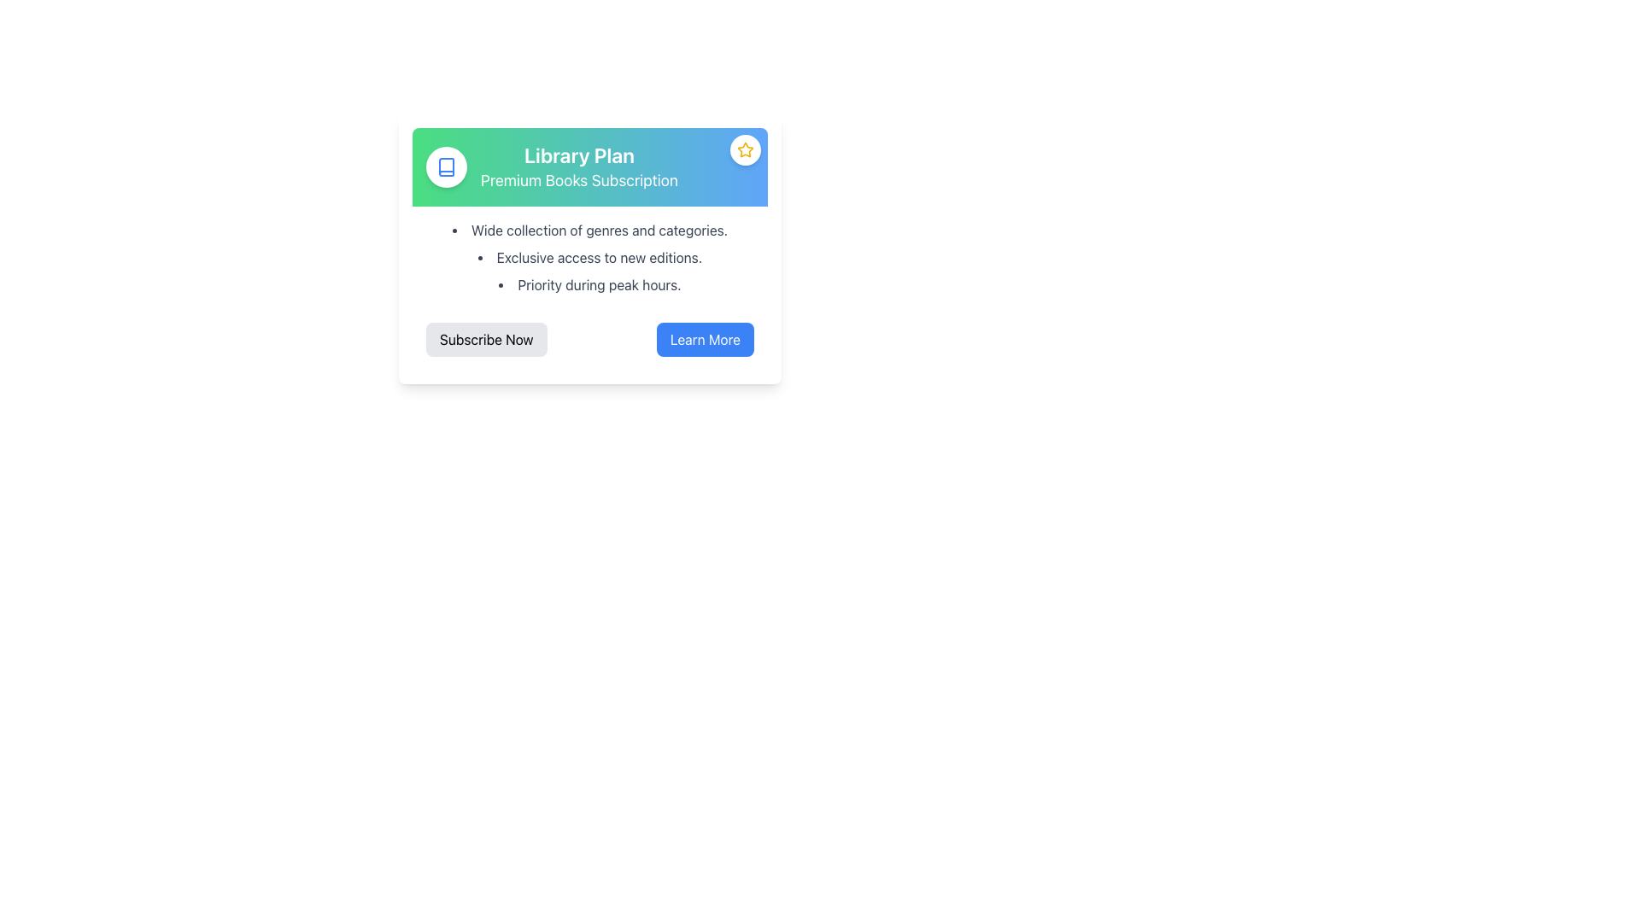 This screenshot has height=922, width=1640. Describe the element at coordinates (590, 257) in the screenshot. I see `bulleted text item that states 'Exclusive access to new editions.' located in a vertical list between 'Wide collection of genres and categories.' and 'Priority during peak hours.'` at that location.